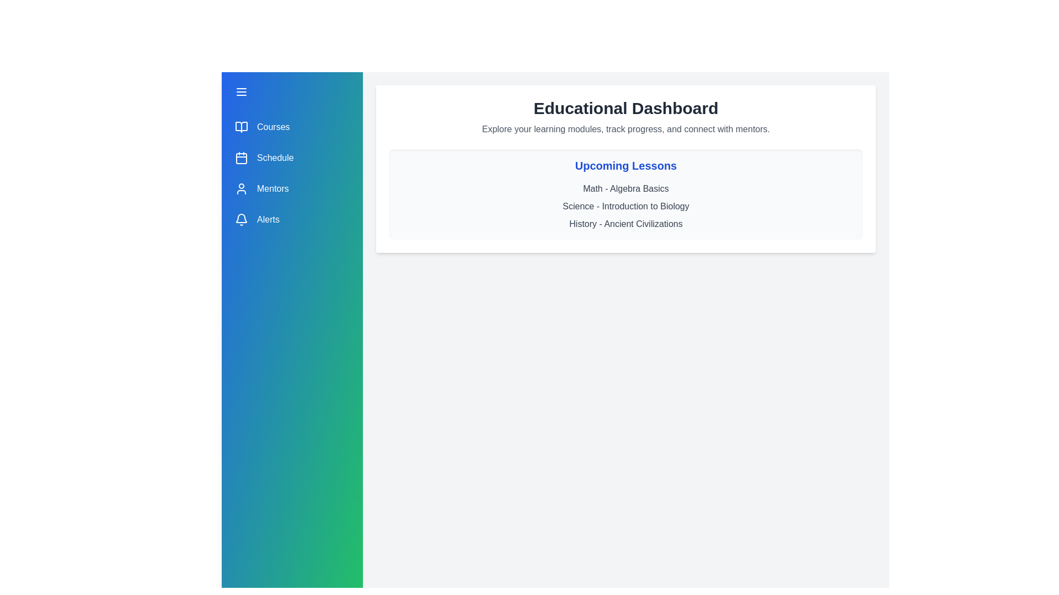 This screenshot has height=595, width=1059. What do you see at coordinates (292, 188) in the screenshot?
I see `the menu item corresponding to Mentors` at bounding box center [292, 188].